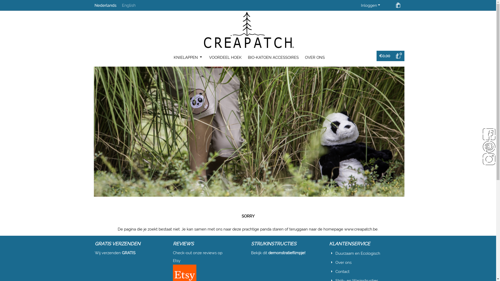 The height and width of the screenshot is (281, 500). I want to click on 'KNIELAPPEN', so click(171, 57).